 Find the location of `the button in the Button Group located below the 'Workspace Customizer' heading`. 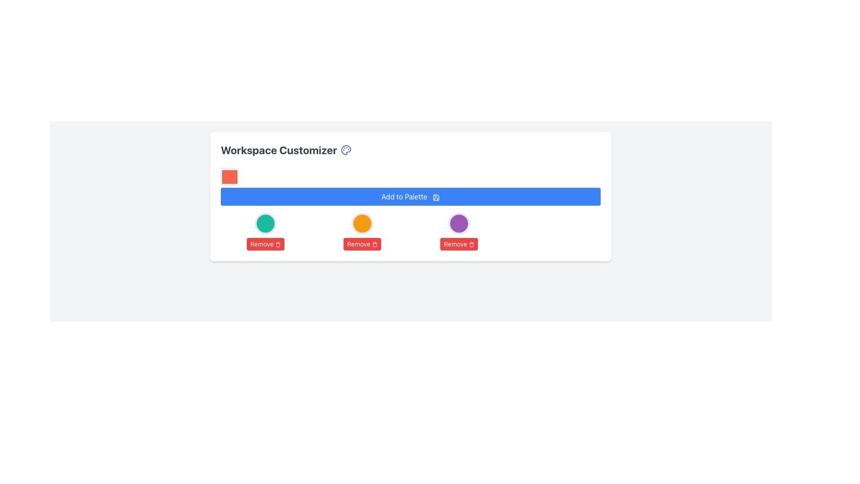

the button in the Button Group located below the 'Workspace Customizer' heading is located at coordinates (410, 209).